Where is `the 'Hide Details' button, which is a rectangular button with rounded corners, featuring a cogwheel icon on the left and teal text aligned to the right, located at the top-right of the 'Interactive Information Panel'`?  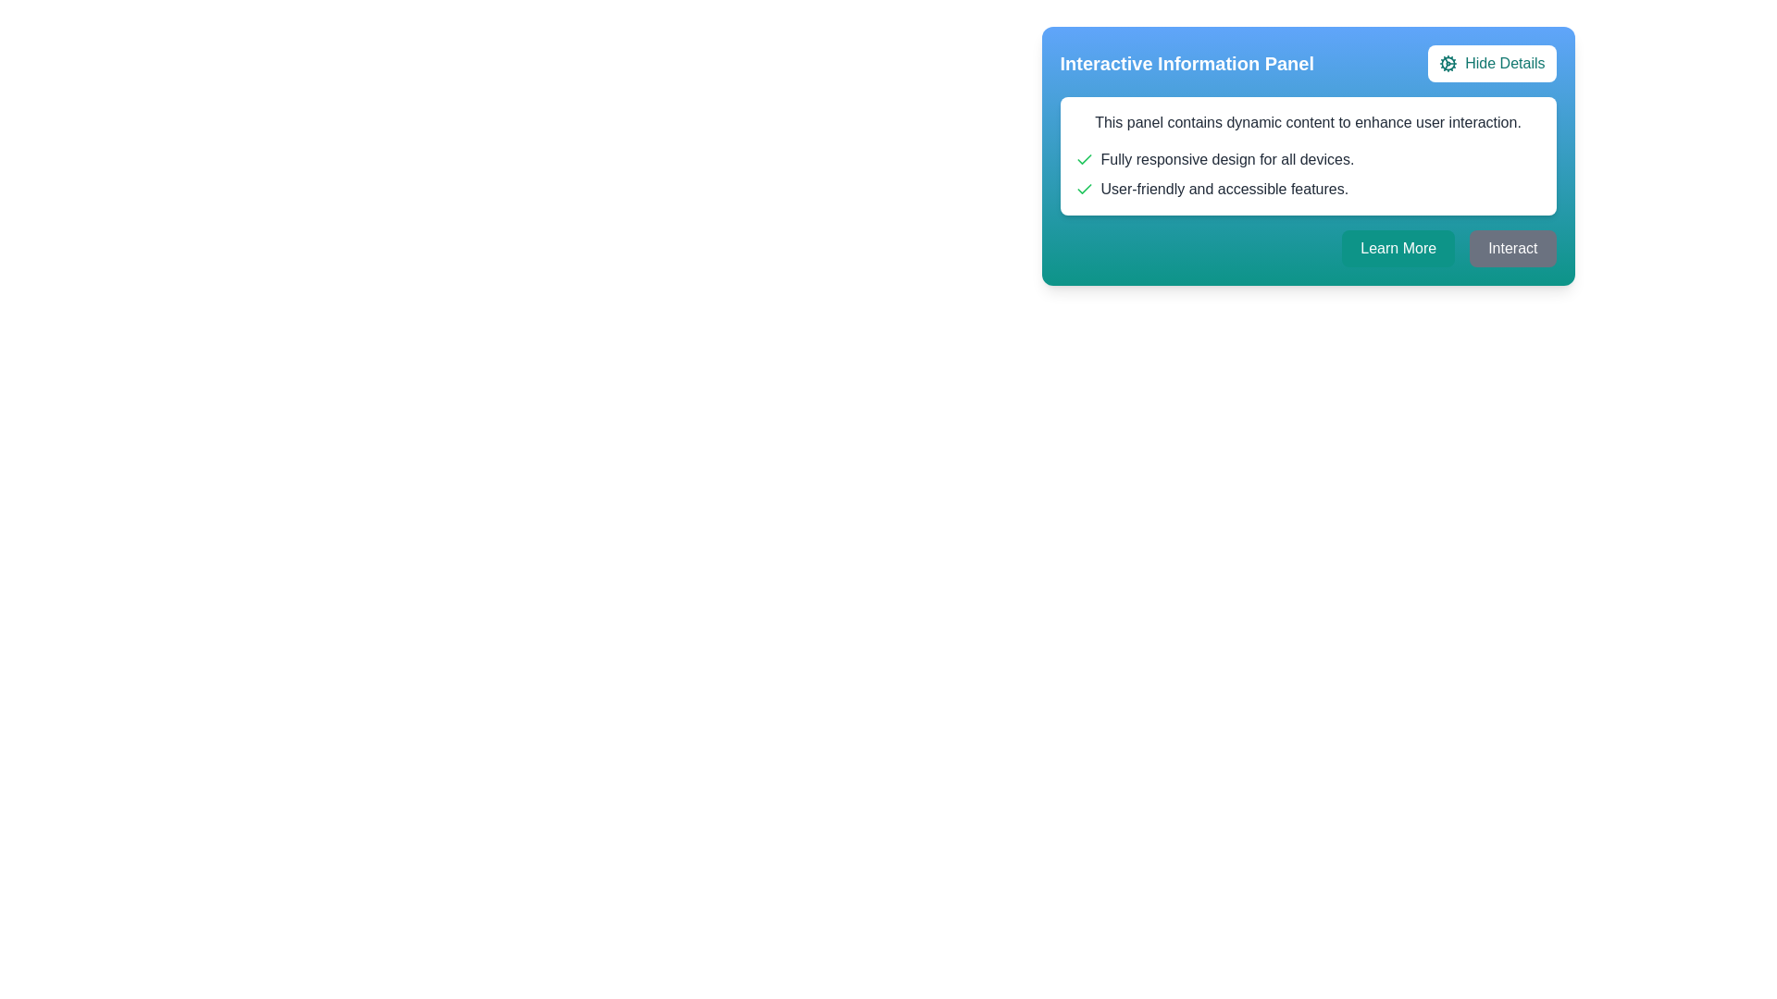
the 'Hide Details' button, which is a rectangular button with rounded corners, featuring a cogwheel icon on the left and teal text aligned to the right, located at the top-right of the 'Interactive Information Panel' is located at coordinates (1492, 63).